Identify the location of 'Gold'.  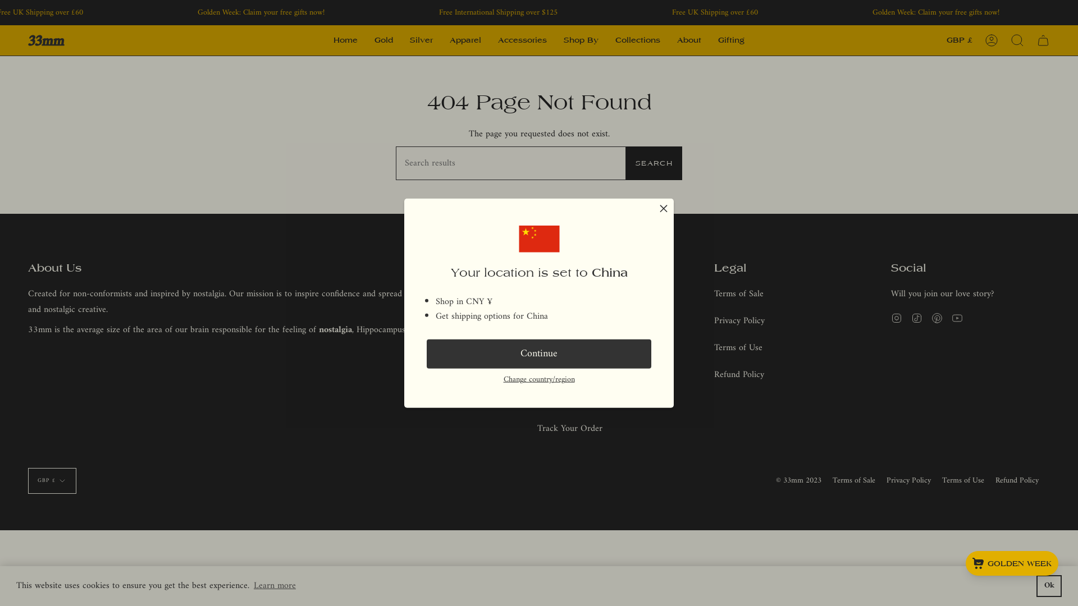
(383, 40).